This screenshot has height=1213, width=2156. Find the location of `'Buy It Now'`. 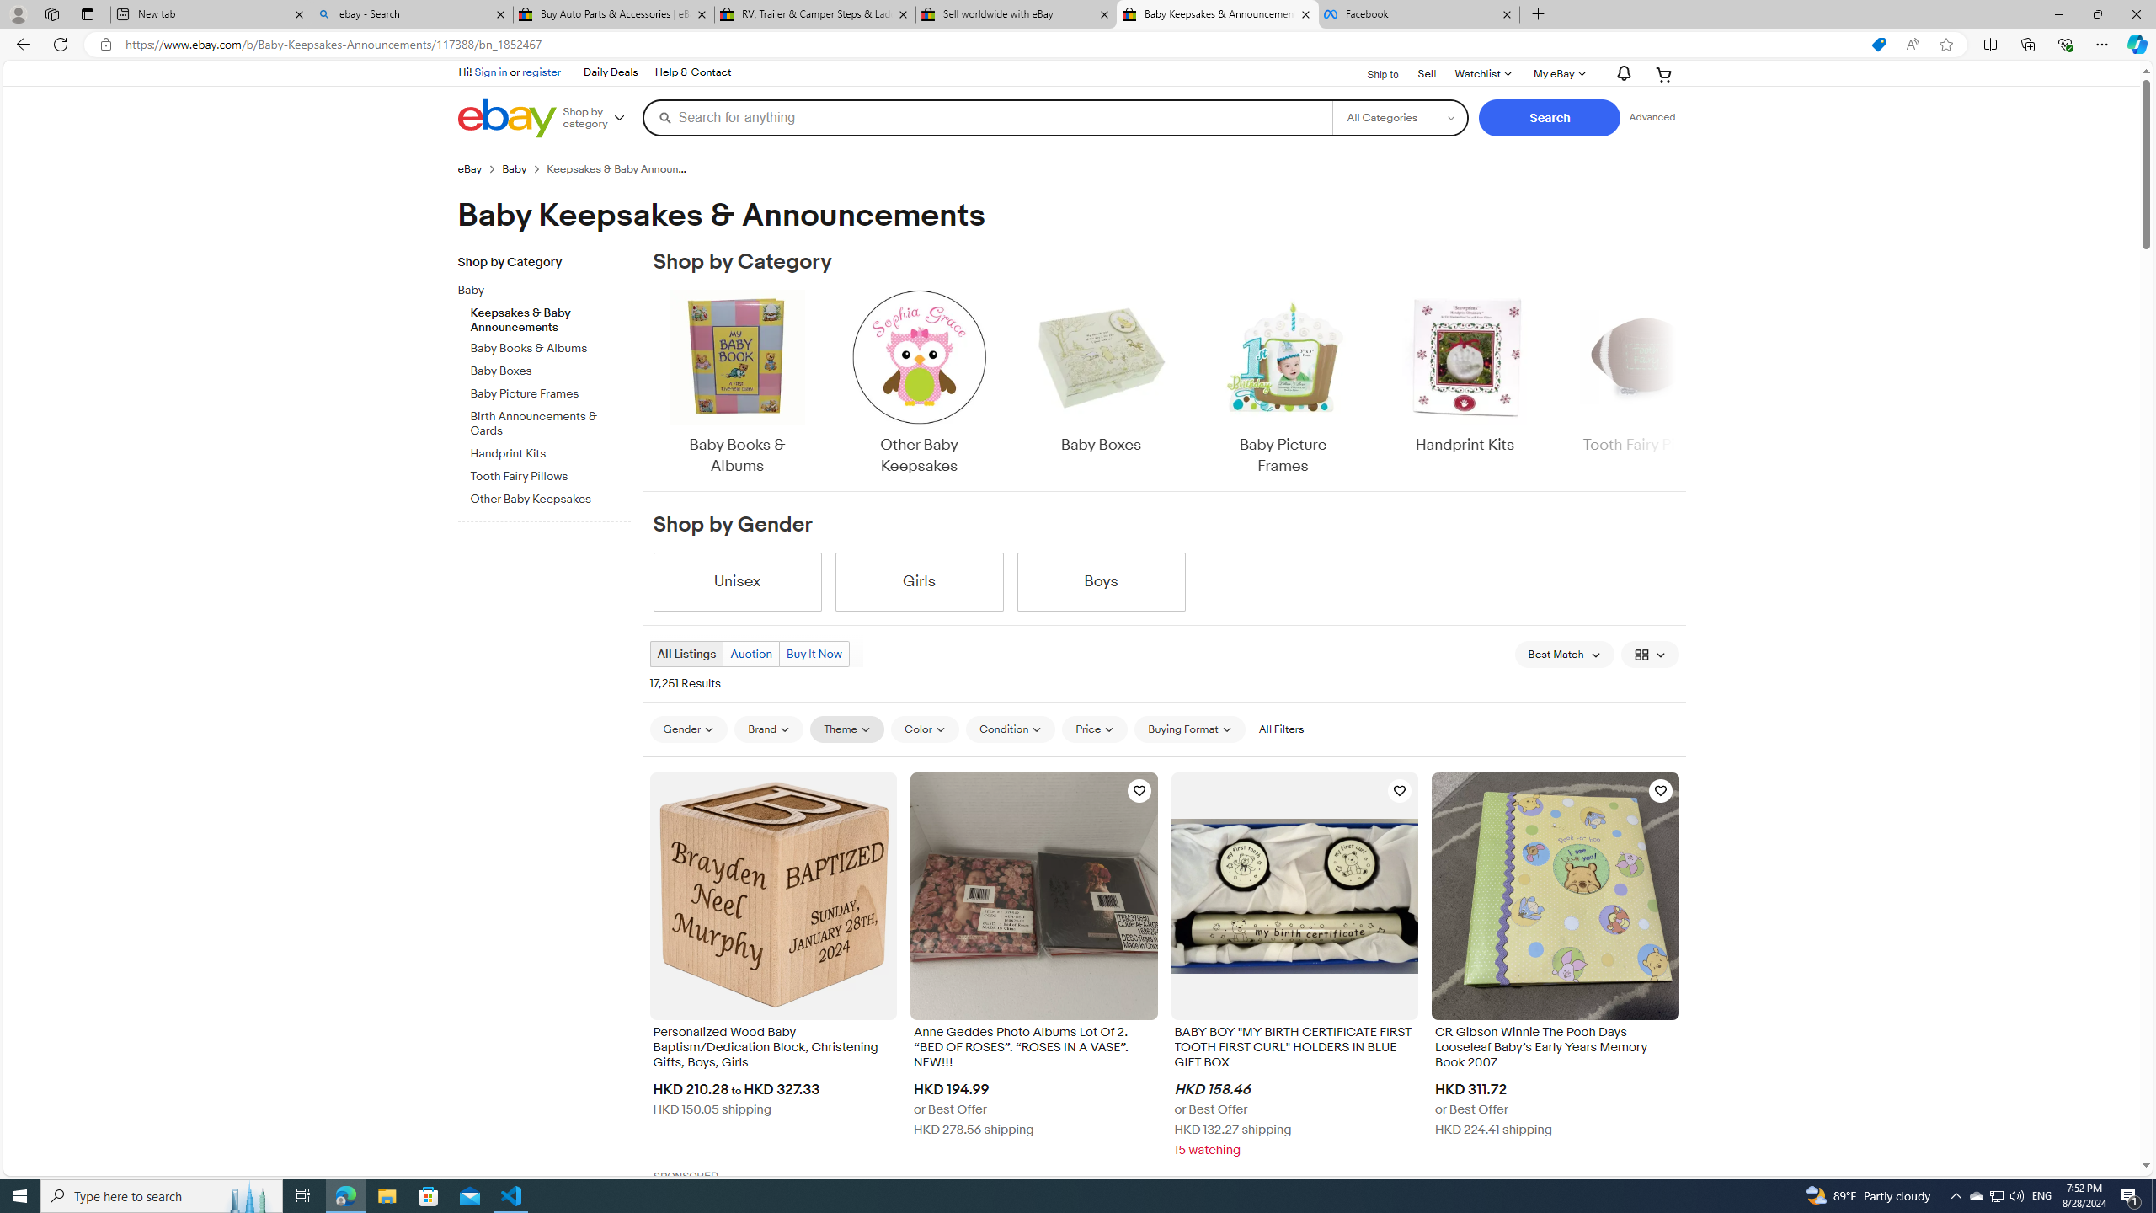

'Buy It Now' is located at coordinates (814, 653).